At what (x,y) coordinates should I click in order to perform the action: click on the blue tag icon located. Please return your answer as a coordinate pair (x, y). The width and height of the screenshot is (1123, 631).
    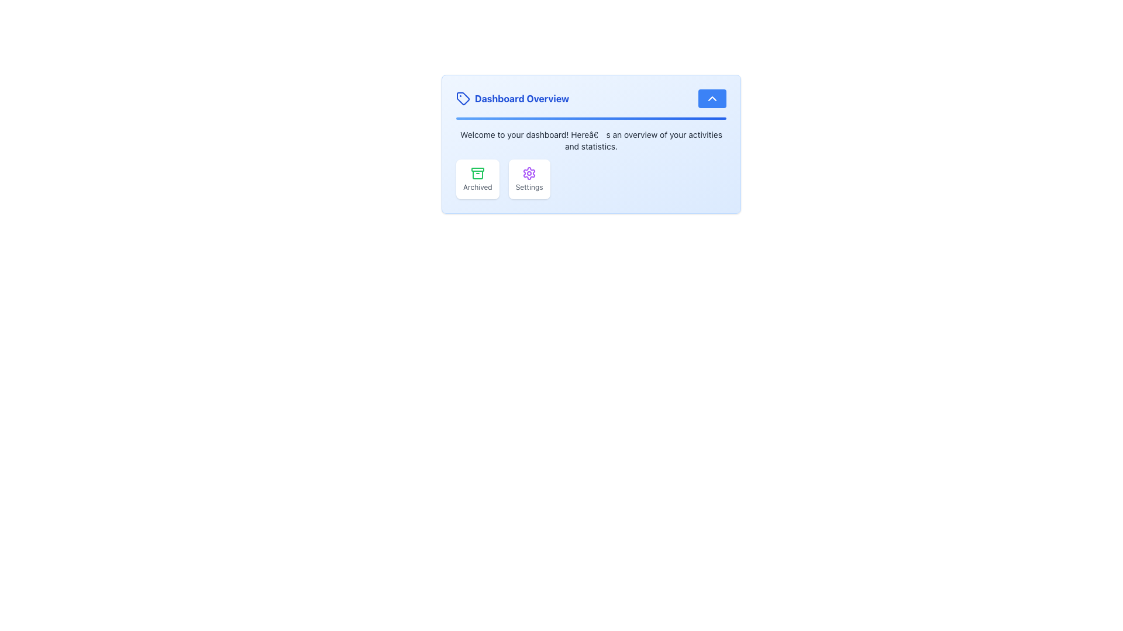
    Looking at the image, I should click on (463, 98).